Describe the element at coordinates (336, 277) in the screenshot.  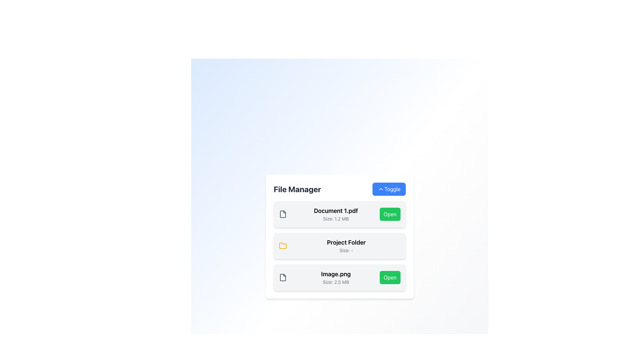
I see `the Text Display Block that shows the filename and file size of the listed file, located between an icon on the left and a green 'Open' button on the right` at that location.